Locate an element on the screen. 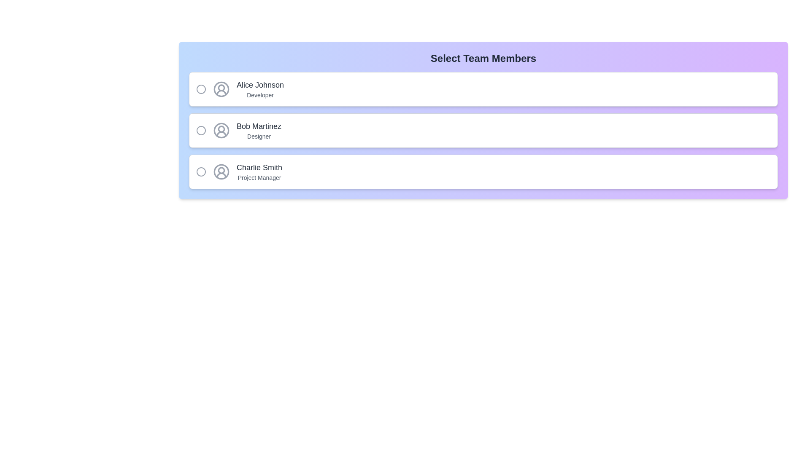  the Text Label that describes the role or position of the team member 'Alice Johnson', located below the name label in the first entry of the team member list is located at coordinates (260, 95).